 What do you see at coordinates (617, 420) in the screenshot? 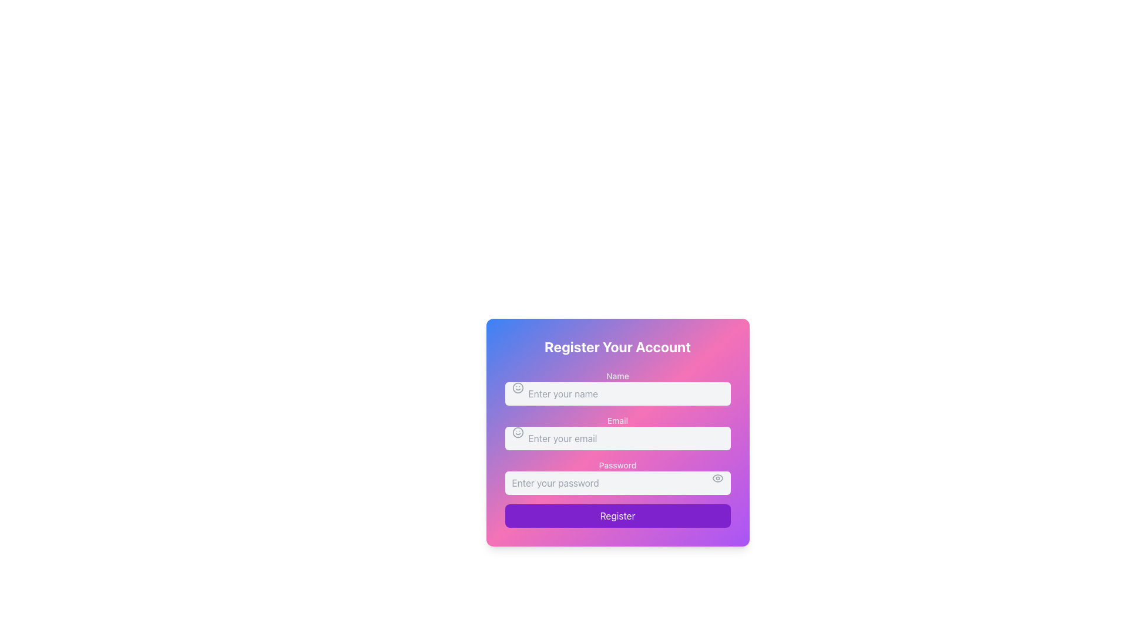
I see `the text label 'Email' which is displayed in light gray color and bold, sans-serif font, located in the registration form above the email input field` at bounding box center [617, 420].